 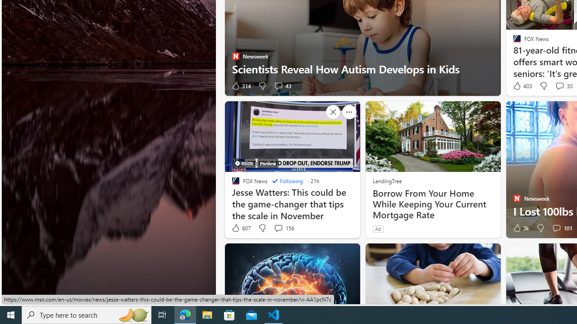 What do you see at coordinates (559, 85) in the screenshot?
I see `'View comments 30 Comment'` at bounding box center [559, 85].